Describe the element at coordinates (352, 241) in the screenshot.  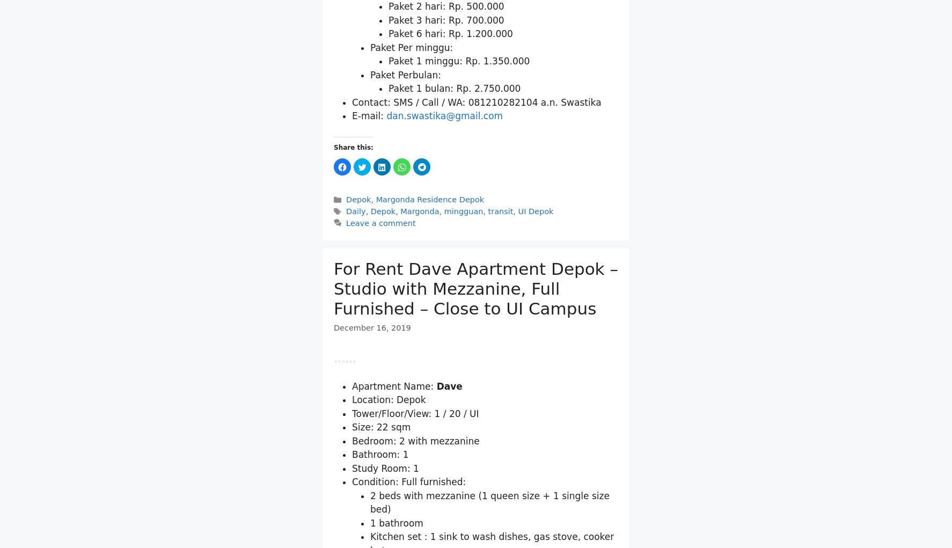
I see `'E-mail:'` at that location.